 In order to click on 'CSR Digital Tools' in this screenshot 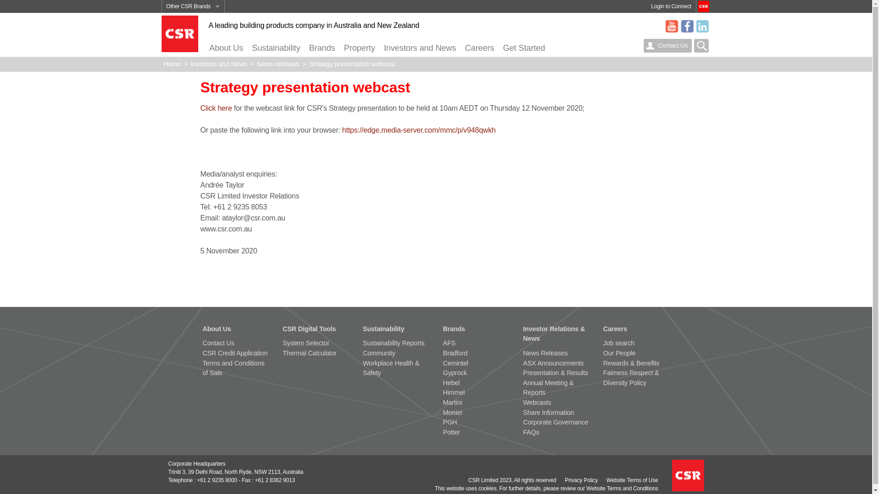, I will do `click(309, 328)`.